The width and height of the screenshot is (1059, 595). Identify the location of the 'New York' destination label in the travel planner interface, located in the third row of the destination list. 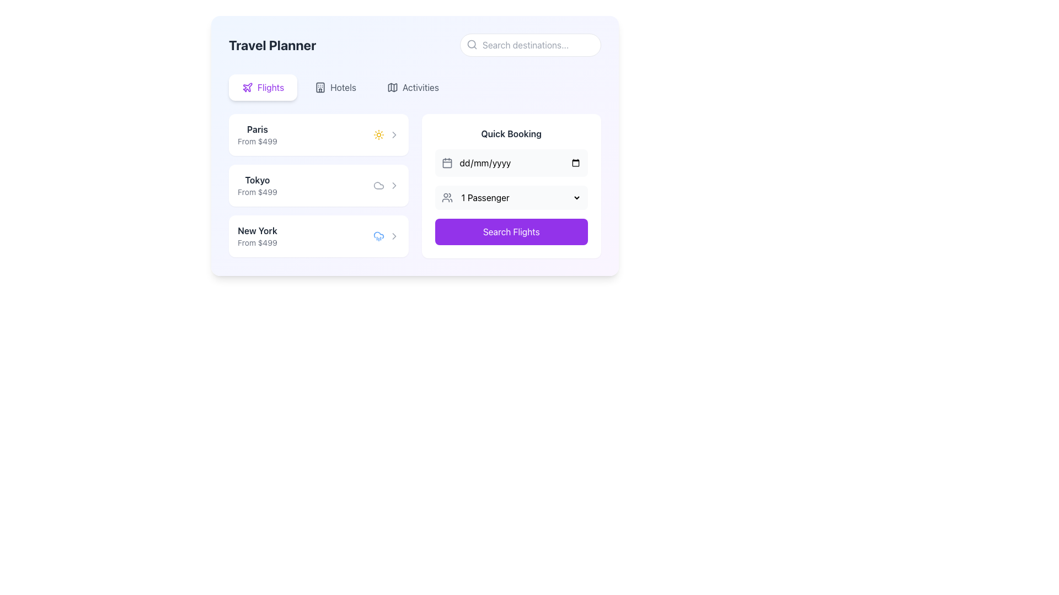
(256, 230).